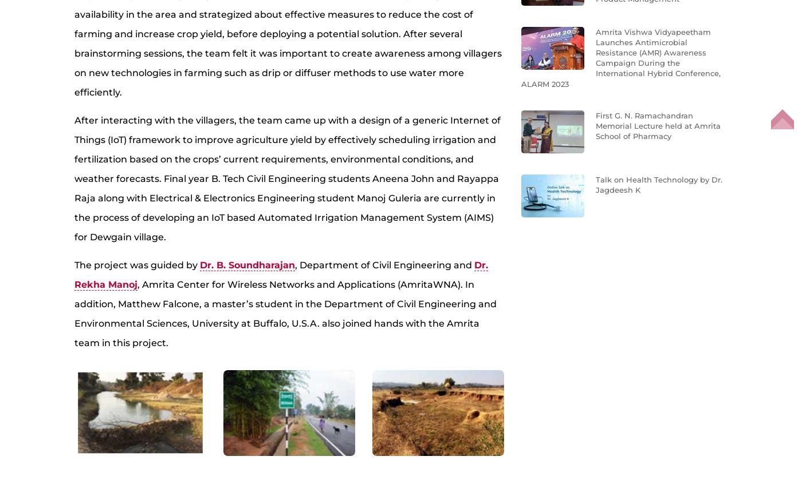  Describe the element at coordinates (596, 125) in the screenshot. I see `'First G. N. Ramachandran Memorial Lecture held at Amrita School of Pharmacy'` at that location.